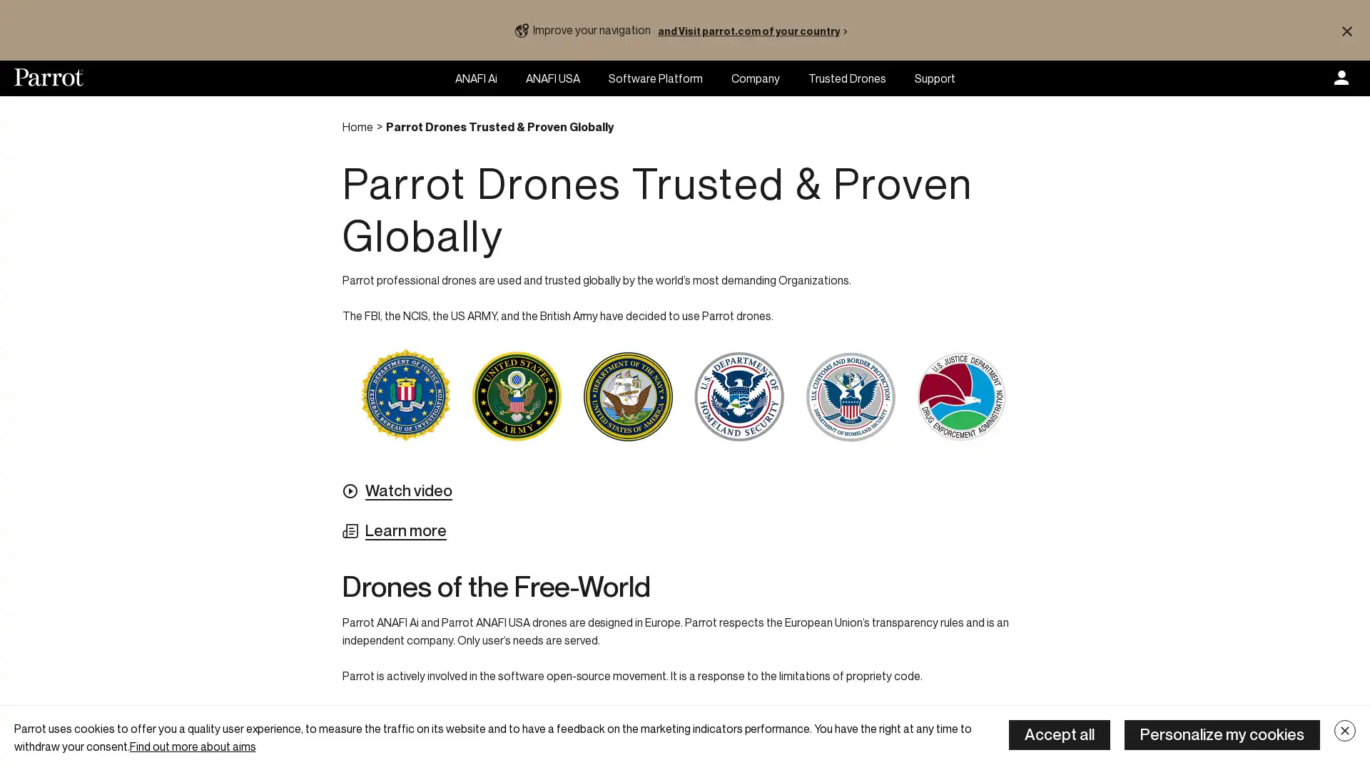 The image size is (1370, 770). What do you see at coordinates (397, 491) in the screenshot?
I see `Watch video` at bounding box center [397, 491].